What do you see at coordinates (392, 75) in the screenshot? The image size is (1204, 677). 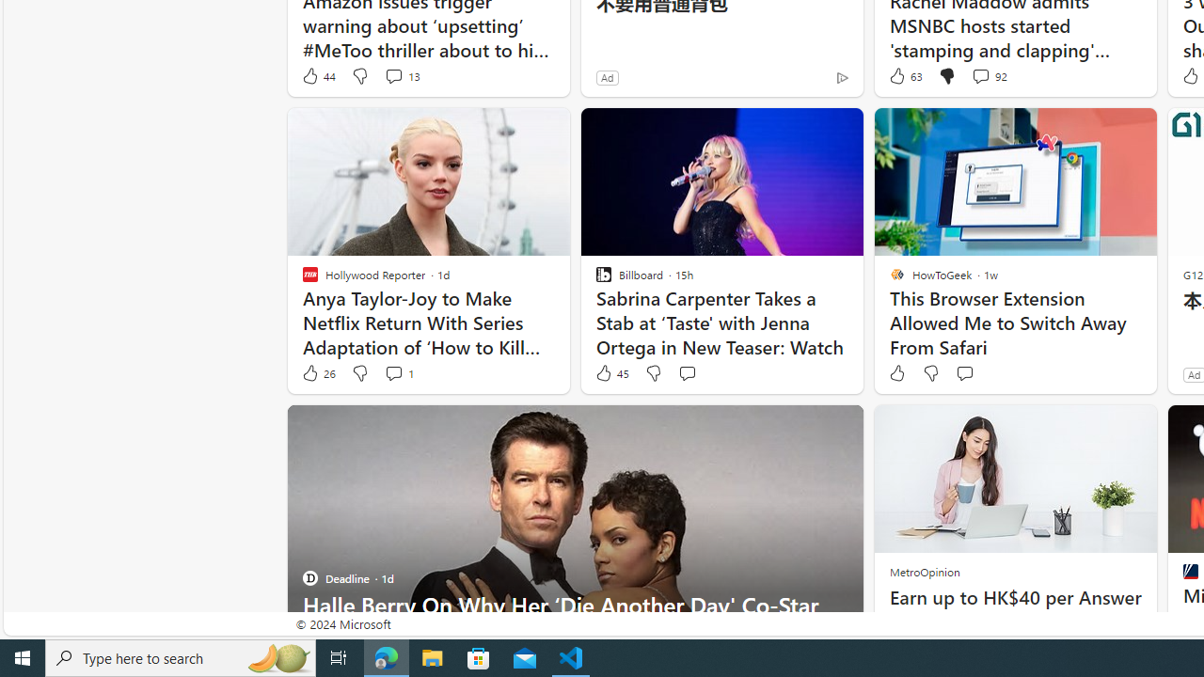 I see `'View comments 13 Comment'` at bounding box center [392, 75].